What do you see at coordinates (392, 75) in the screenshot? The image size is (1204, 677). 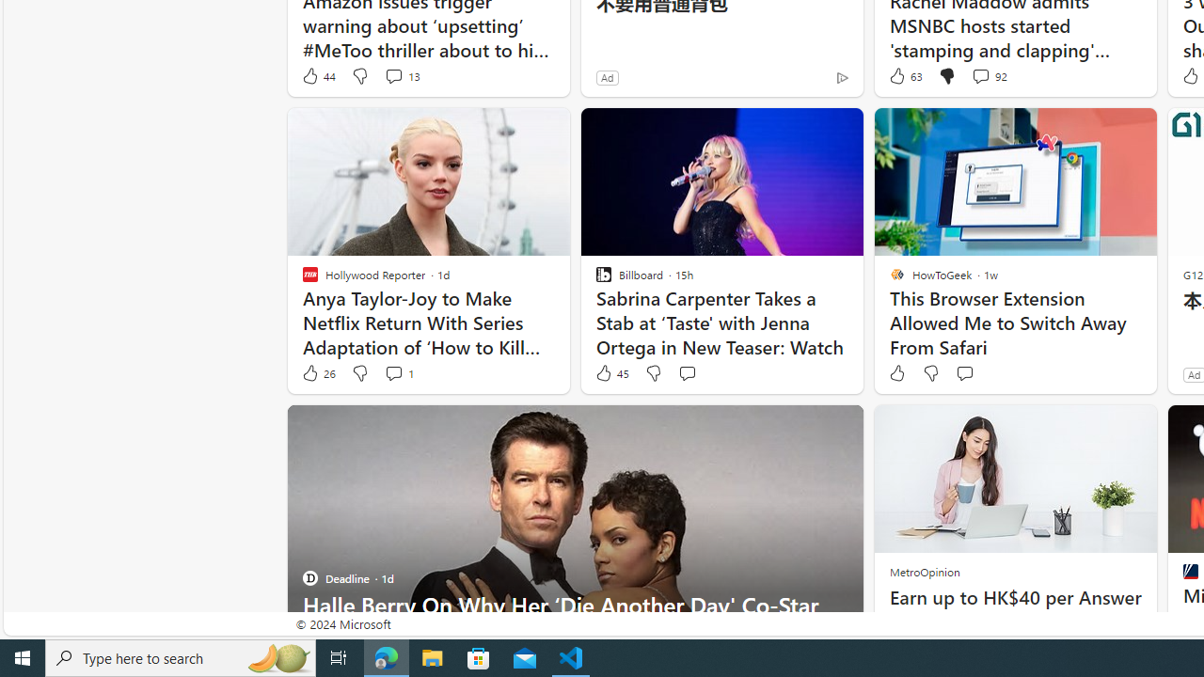 I see `'View comments 13 Comment'` at bounding box center [392, 75].